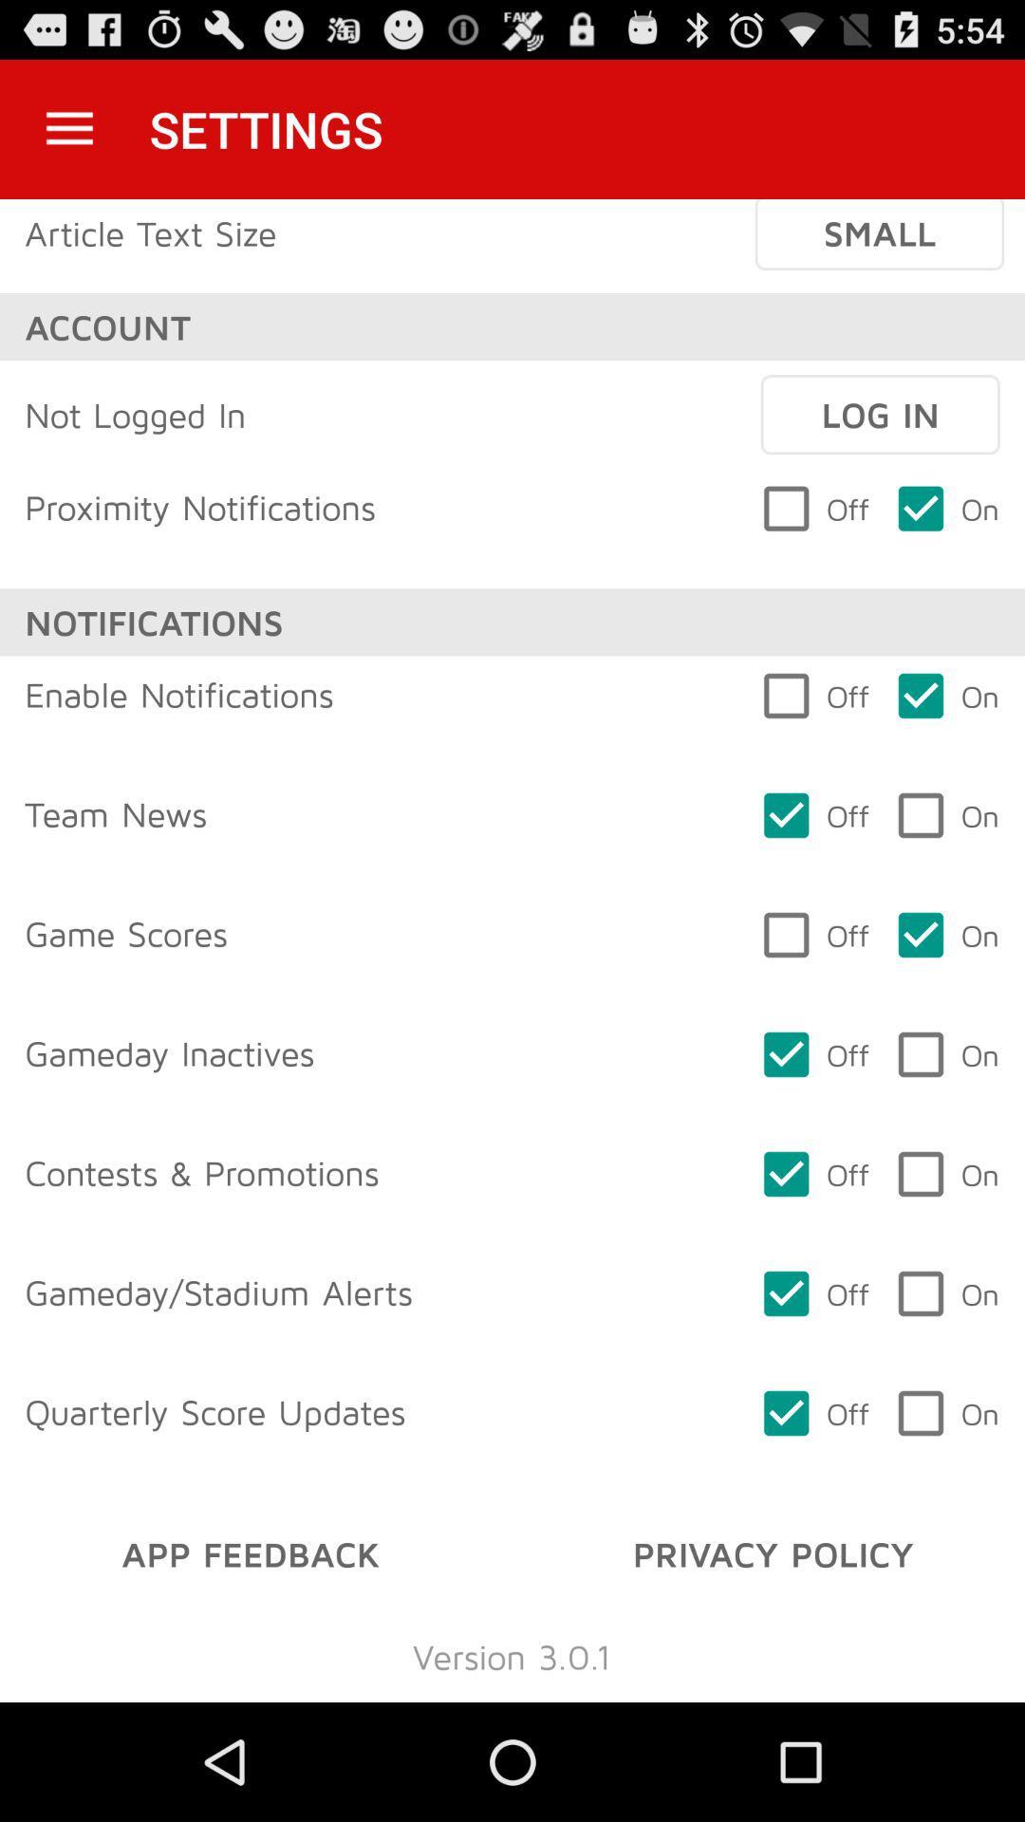 This screenshot has height=1822, width=1025. Describe the element at coordinates (880, 414) in the screenshot. I see `the log in` at that location.